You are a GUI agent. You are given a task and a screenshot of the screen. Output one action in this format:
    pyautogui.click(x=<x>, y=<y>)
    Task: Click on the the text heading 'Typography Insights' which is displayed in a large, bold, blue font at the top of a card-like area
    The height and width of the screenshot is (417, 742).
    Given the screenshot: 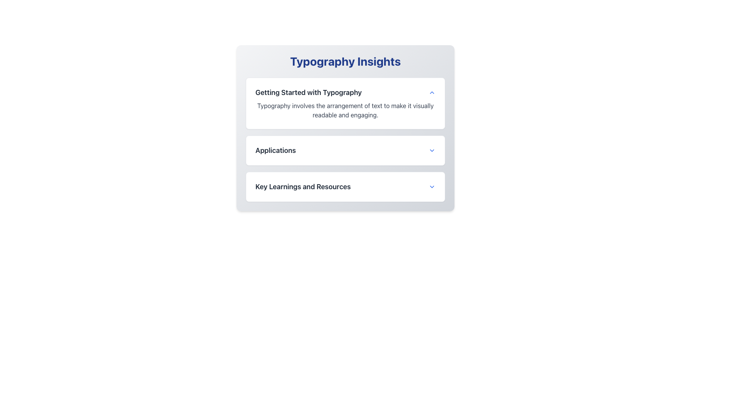 What is the action you would take?
    pyautogui.click(x=345, y=61)
    